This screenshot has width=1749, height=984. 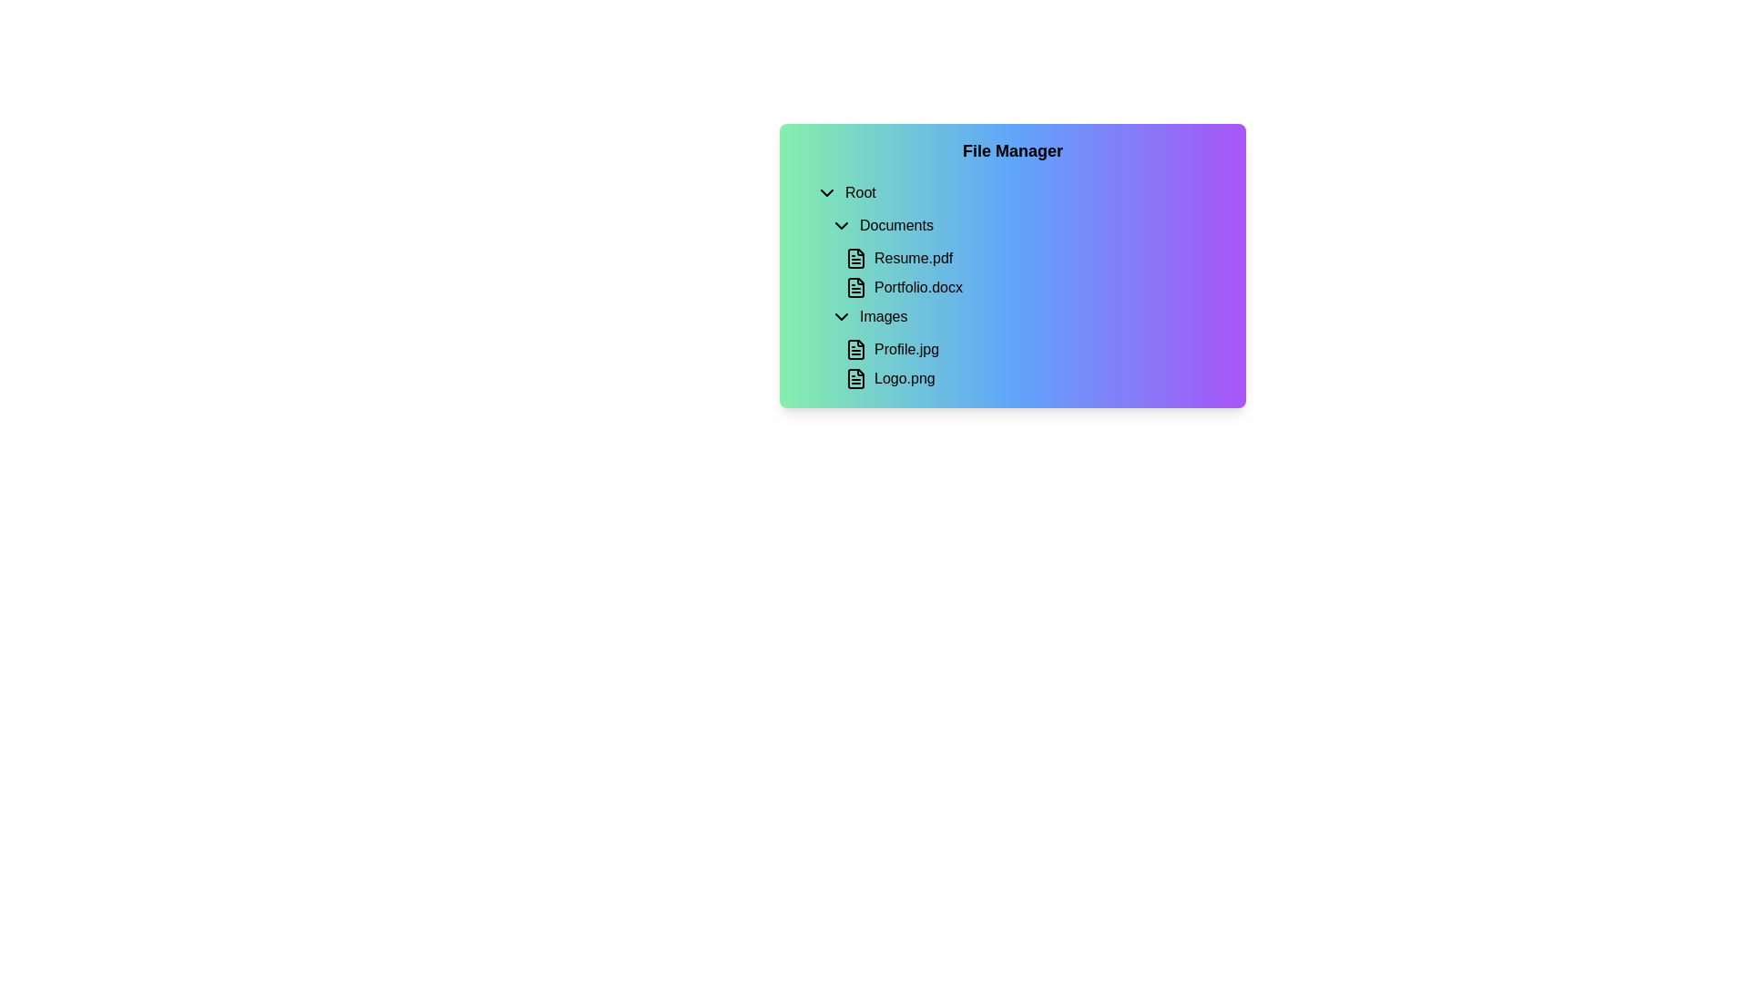 I want to click on the document icon, which has a minimalist black stroke style and is located next to the label 'Profile.jpg' in the 'Images' section of the 'File Manager', so click(x=855, y=350).